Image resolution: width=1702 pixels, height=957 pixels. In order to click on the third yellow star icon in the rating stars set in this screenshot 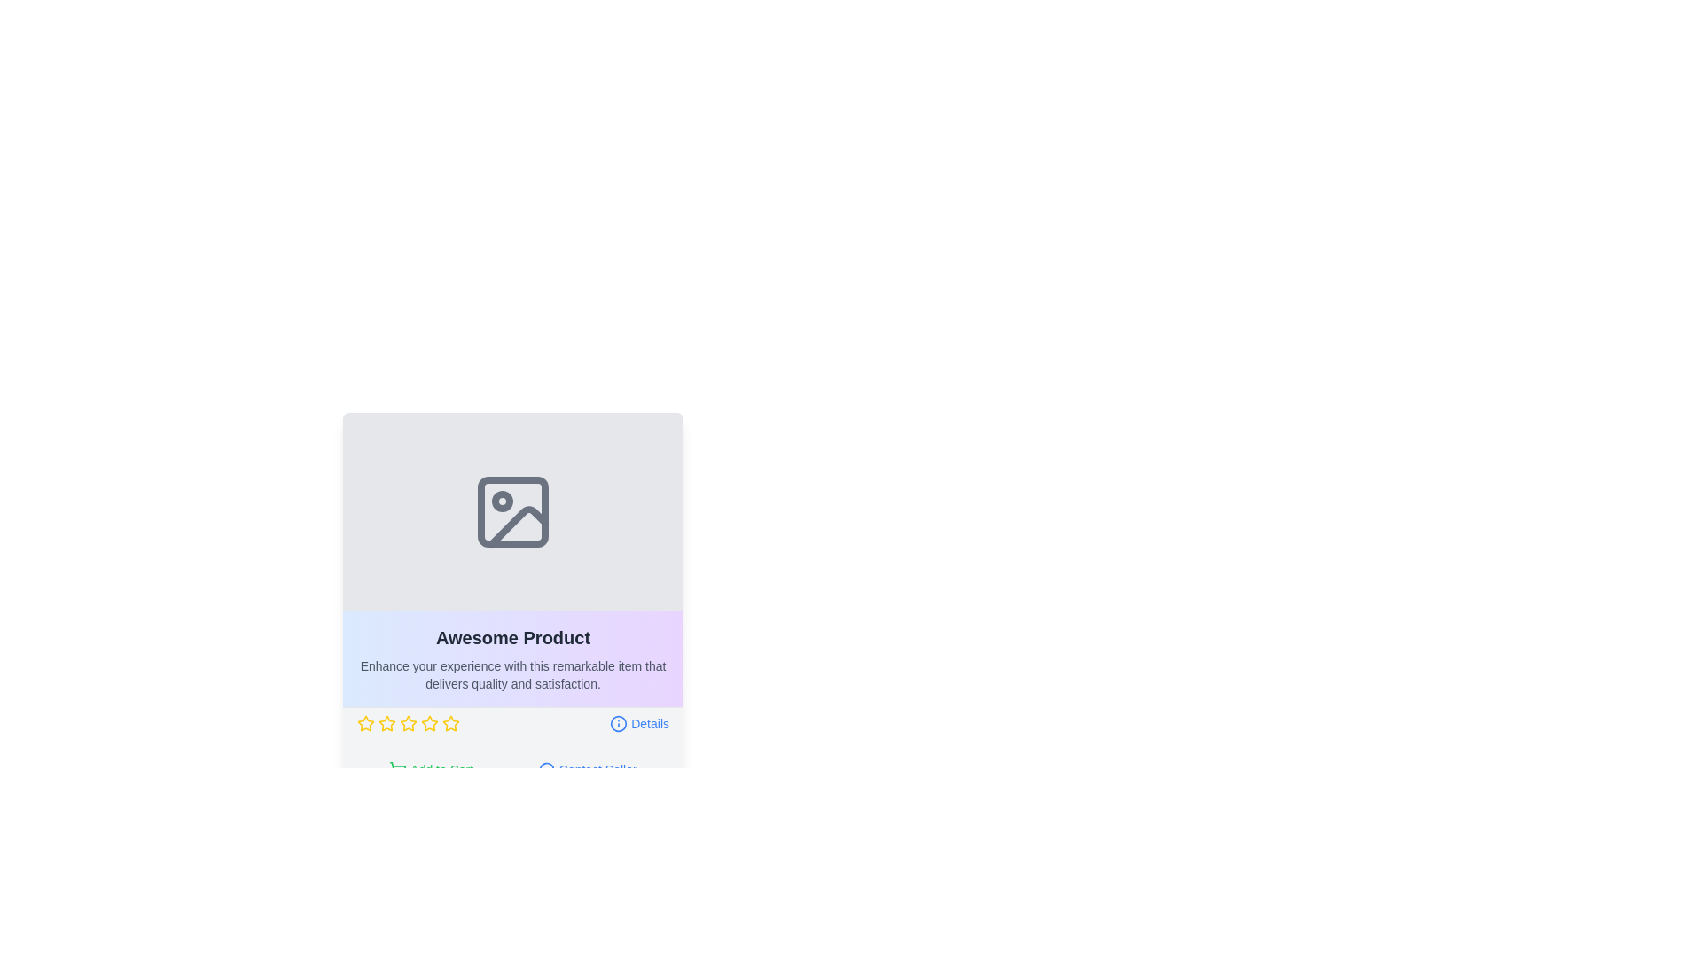, I will do `click(386, 724)`.